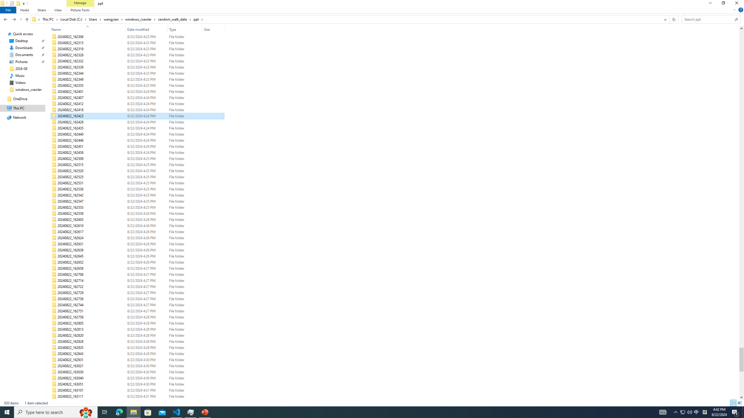 Image resolution: width=744 pixels, height=418 pixels. What do you see at coordinates (85, 29) in the screenshot?
I see `'Name'` at bounding box center [85, 29].